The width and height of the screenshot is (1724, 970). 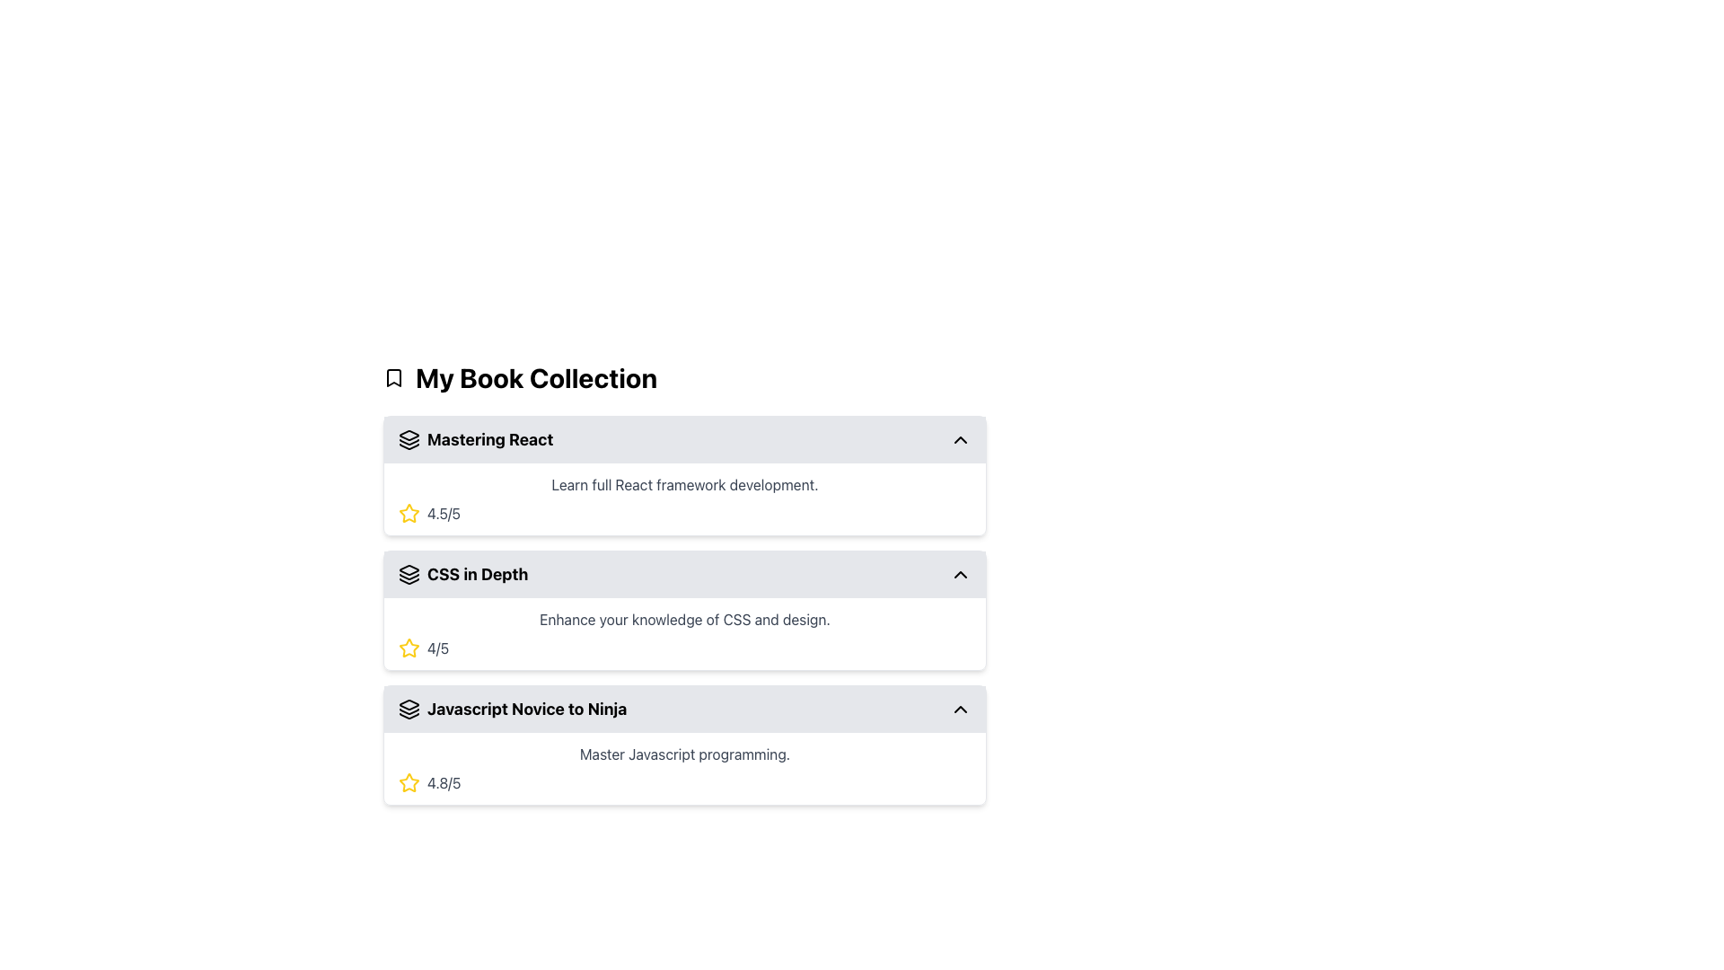 What do you see at coordinates (684, 768) in the screenshot?
I see `the informational block containing the text 'Master Javascript programming' with a rating of '4.8/5' and a star icon in the 'Javascript Novice to Ninja' section` at bounding box center [684, 768].